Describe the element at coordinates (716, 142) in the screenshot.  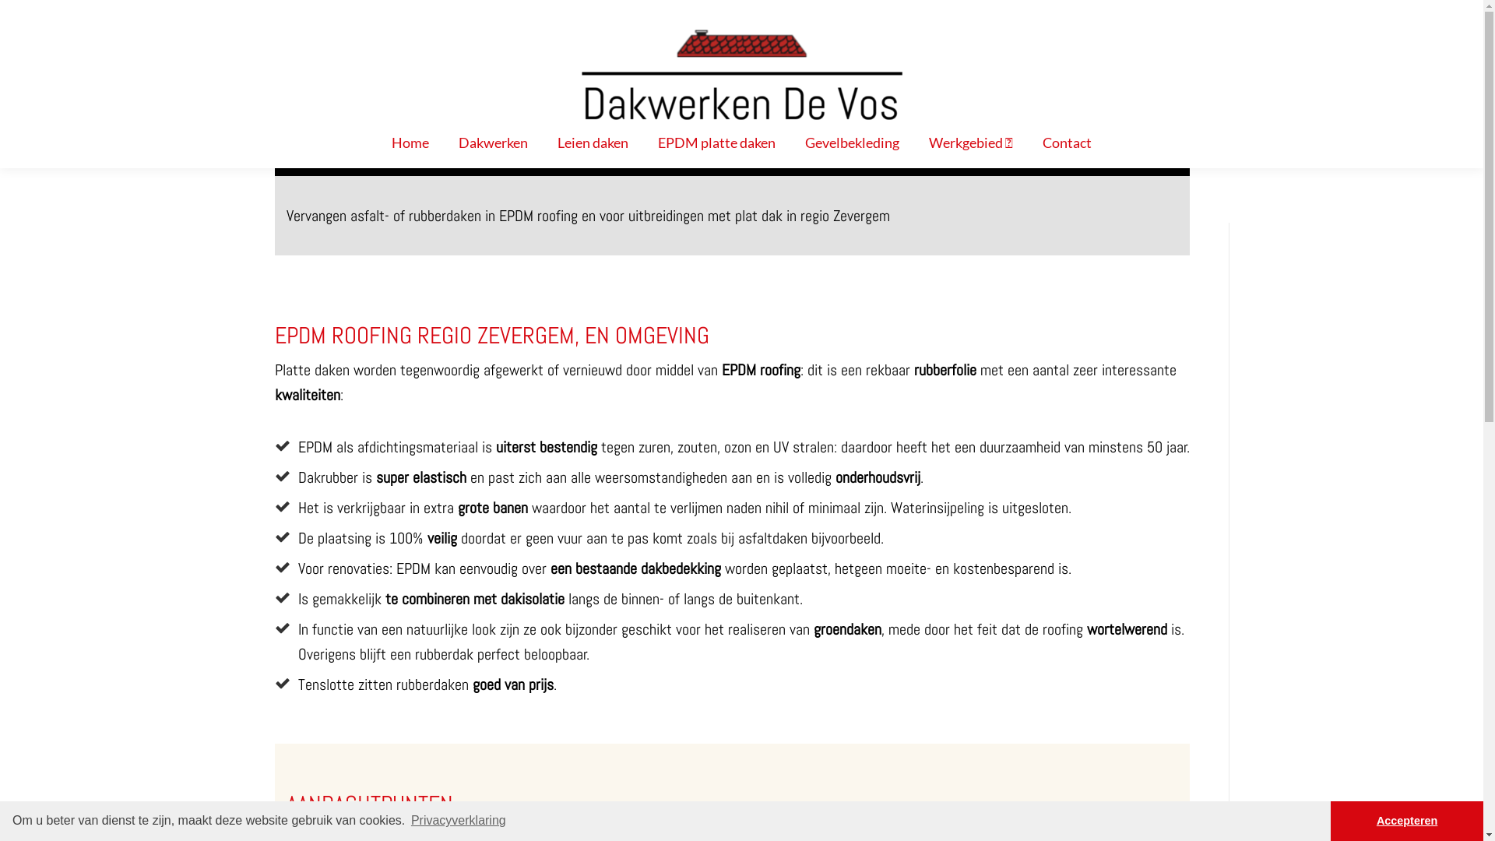
I see `'EPDM platte daken'` at that location.